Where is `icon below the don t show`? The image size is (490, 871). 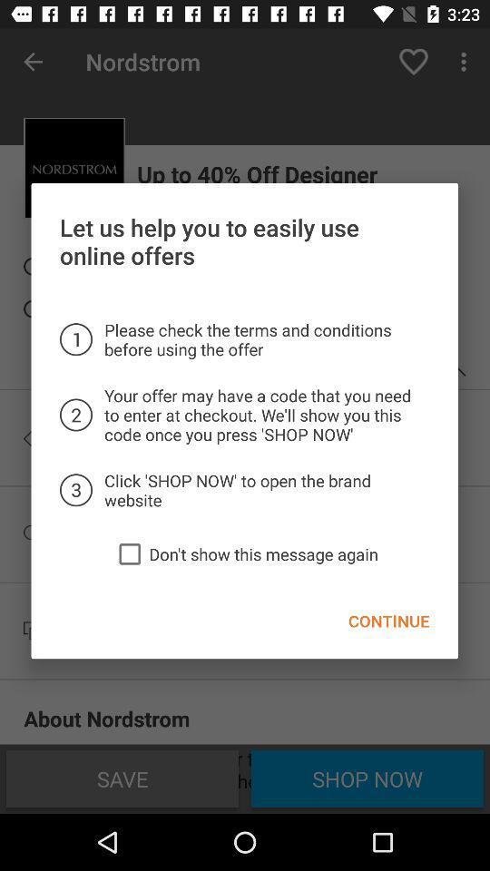
icon below the don t show is located at coordinates (387, 621).